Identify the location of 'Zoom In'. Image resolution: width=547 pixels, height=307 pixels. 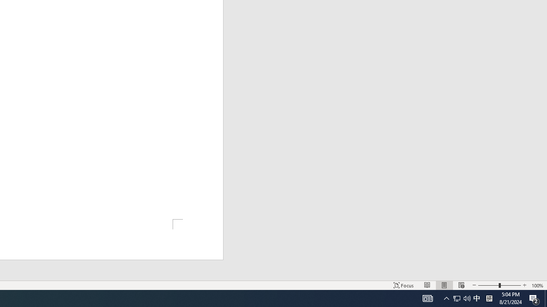
(524, 285).